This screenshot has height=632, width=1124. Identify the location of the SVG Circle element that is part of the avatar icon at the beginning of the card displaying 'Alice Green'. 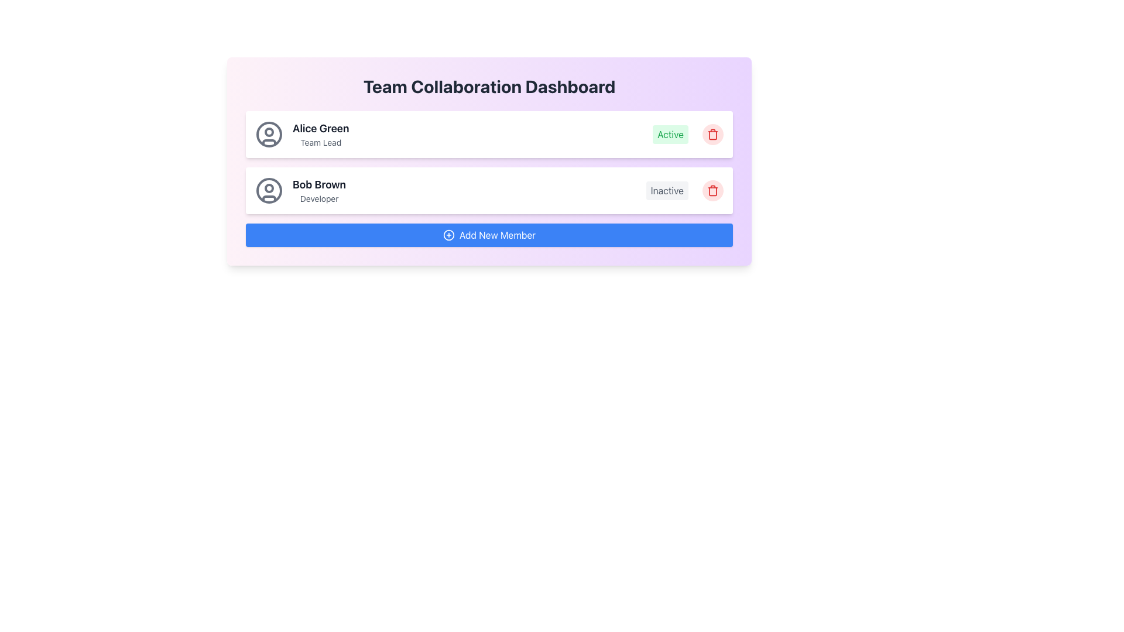
(269, 134).